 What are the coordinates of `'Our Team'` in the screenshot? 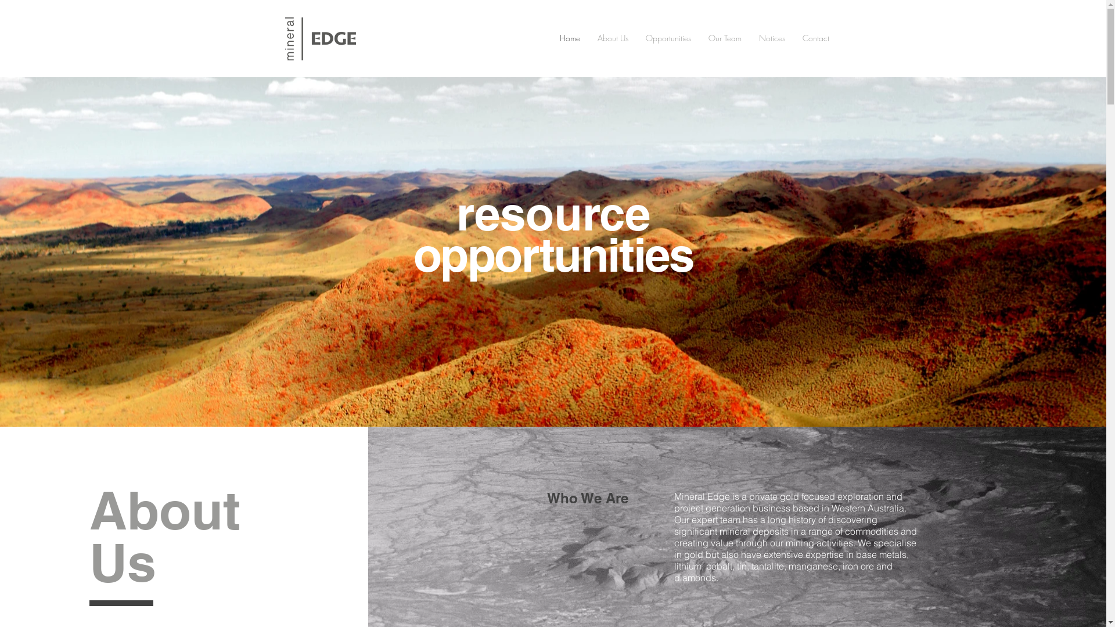 It's located at (724, 37).